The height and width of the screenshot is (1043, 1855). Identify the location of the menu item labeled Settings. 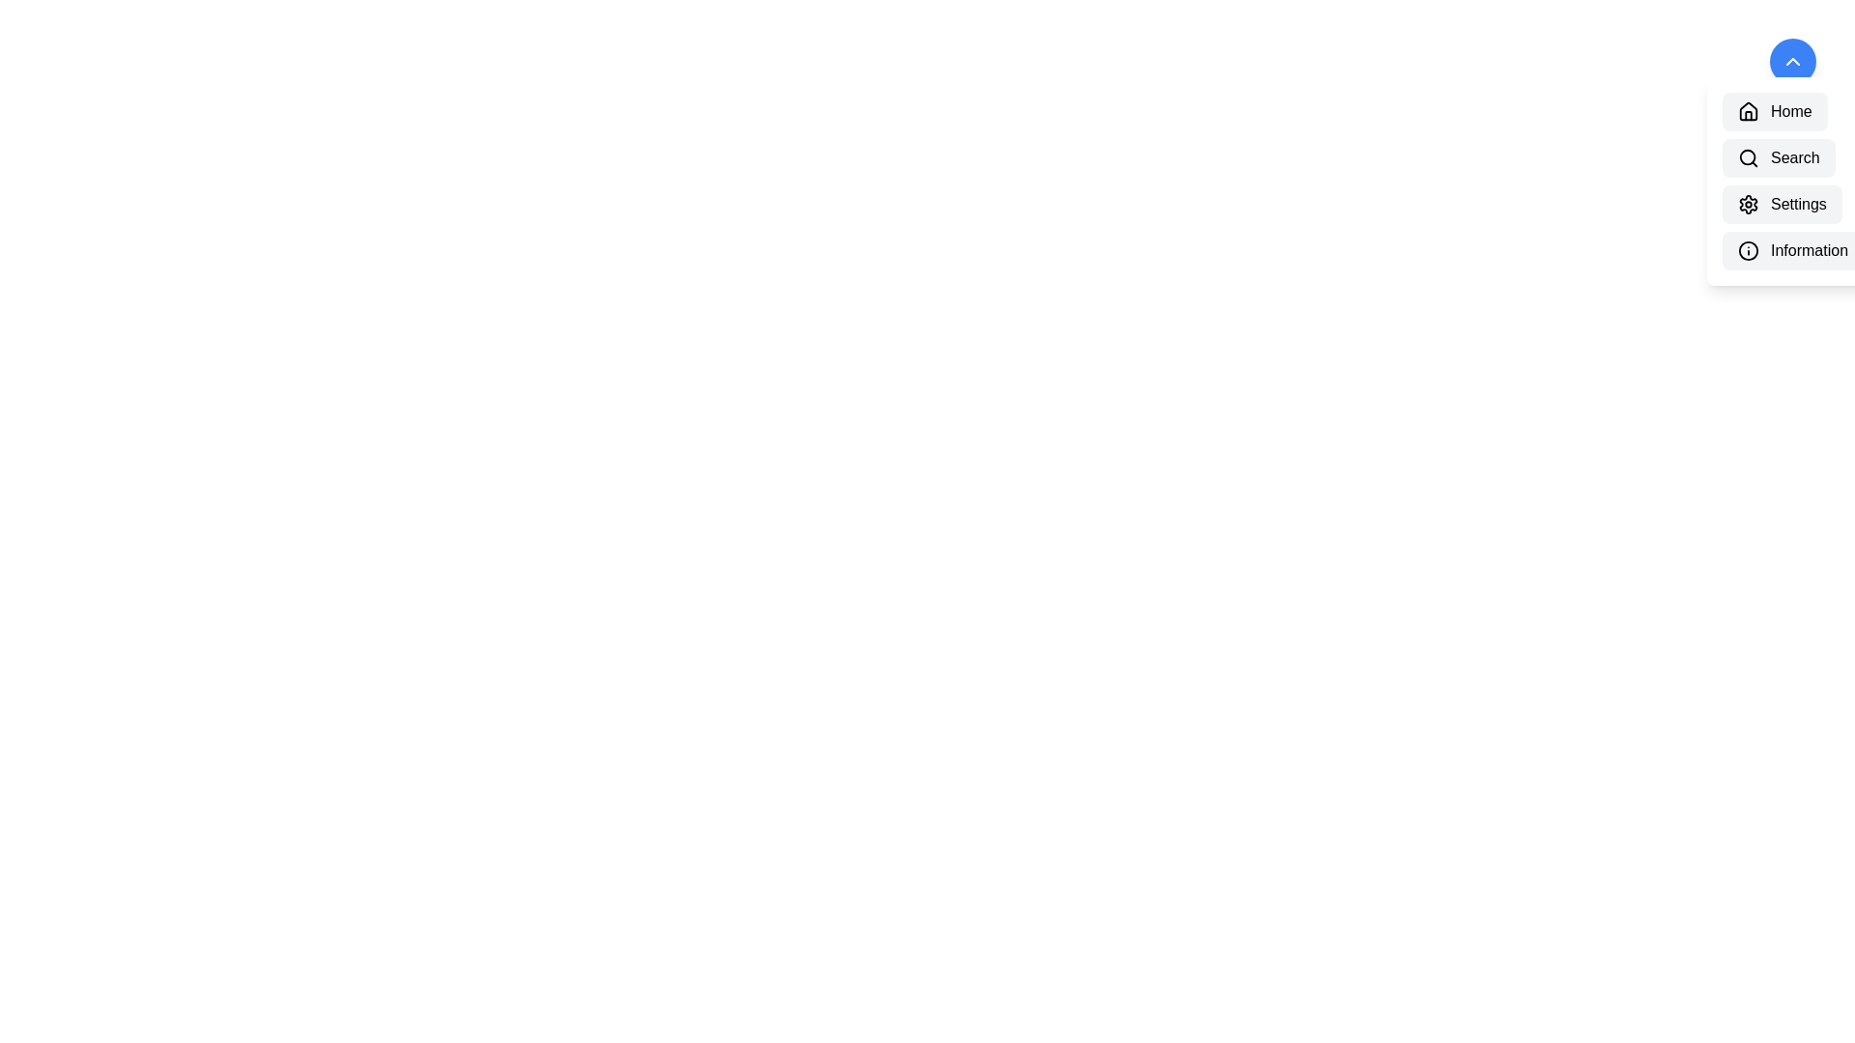
(1781, 205).